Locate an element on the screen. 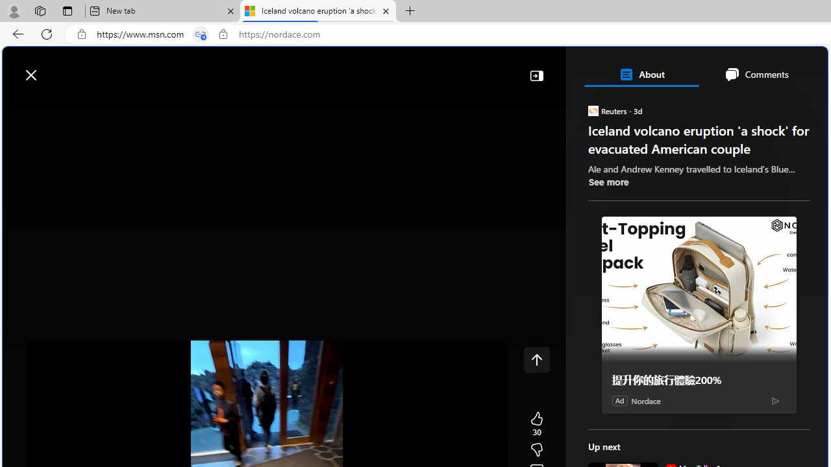 The width and height of the screenshot is (831, 467). 'Reuters' is located at coordinates (592, 110).